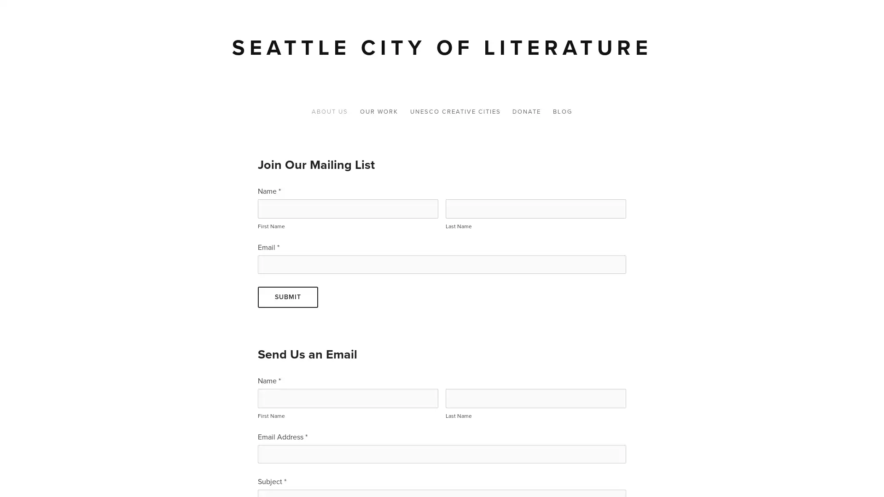 The image size is (884, 497). I want to click on Submit, so click(287, 297).